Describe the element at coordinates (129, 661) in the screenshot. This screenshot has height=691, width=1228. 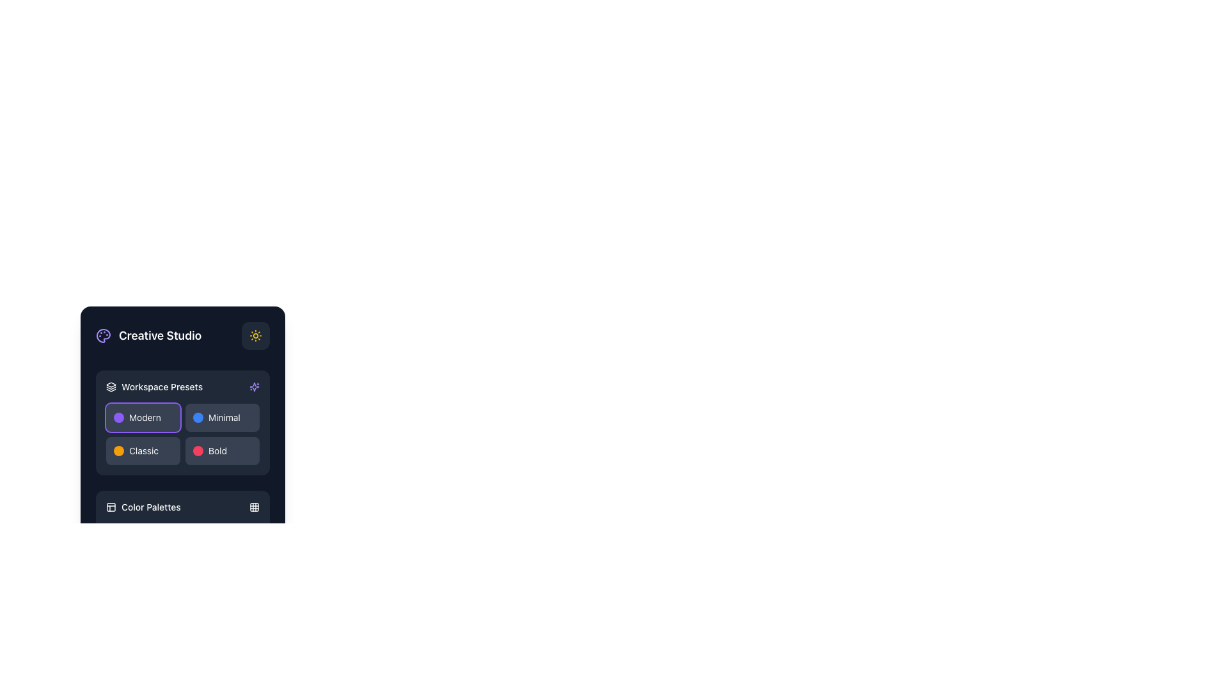
I see `the 'Opacity' label with eye icon located at the bottom of the interface, to the left of the '80%' element` at that location.